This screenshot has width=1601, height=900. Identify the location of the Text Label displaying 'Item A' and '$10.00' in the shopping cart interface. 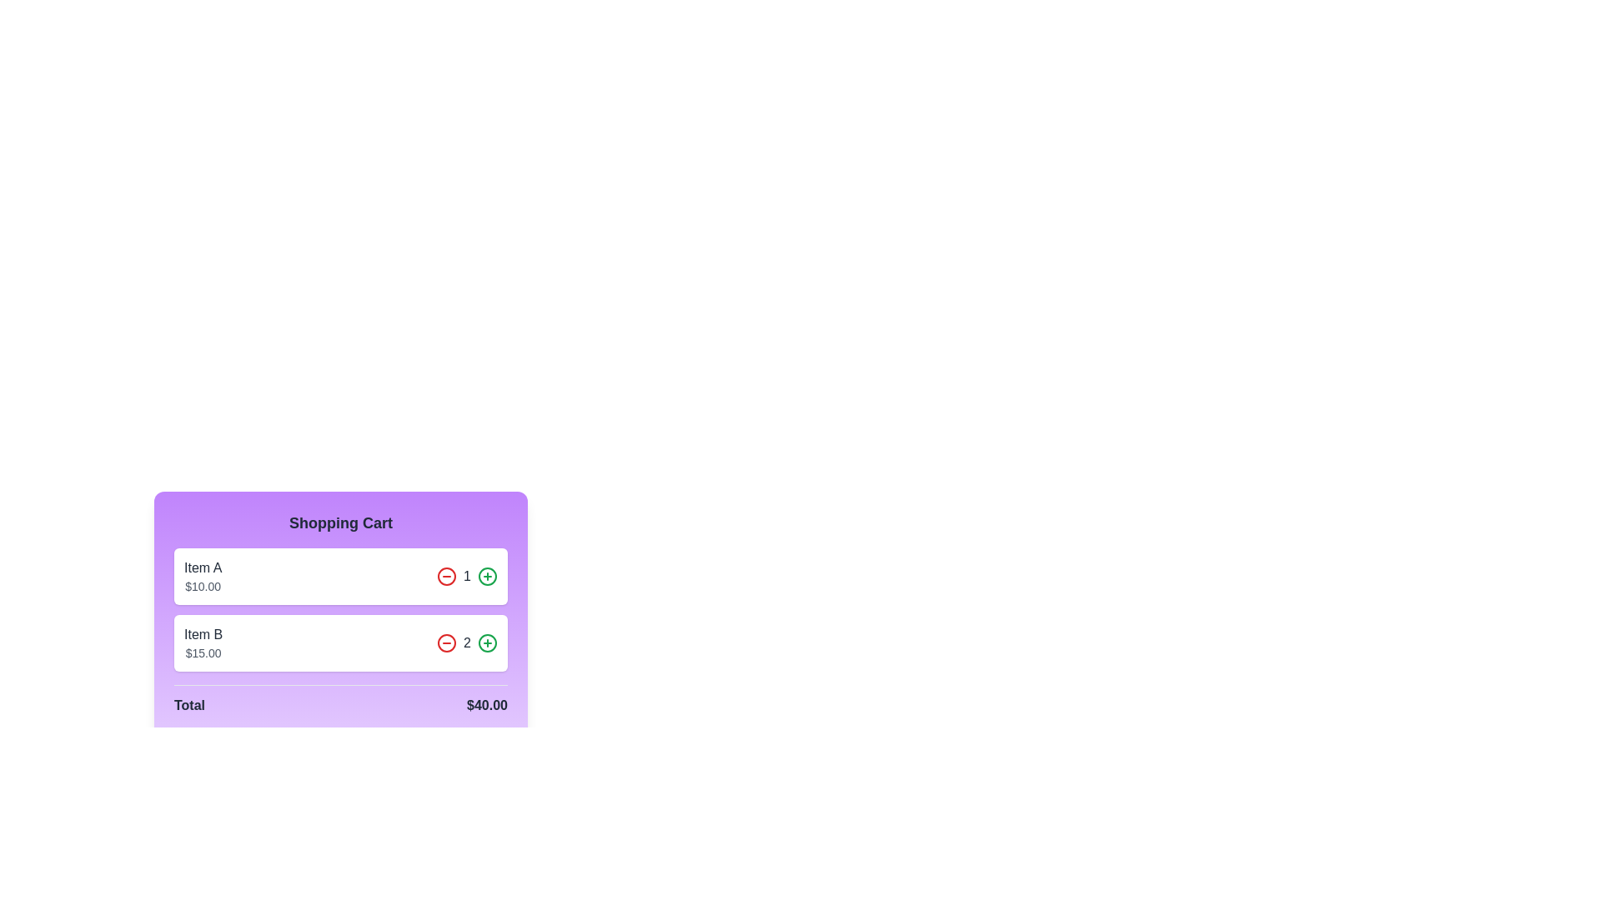
(202, 575).